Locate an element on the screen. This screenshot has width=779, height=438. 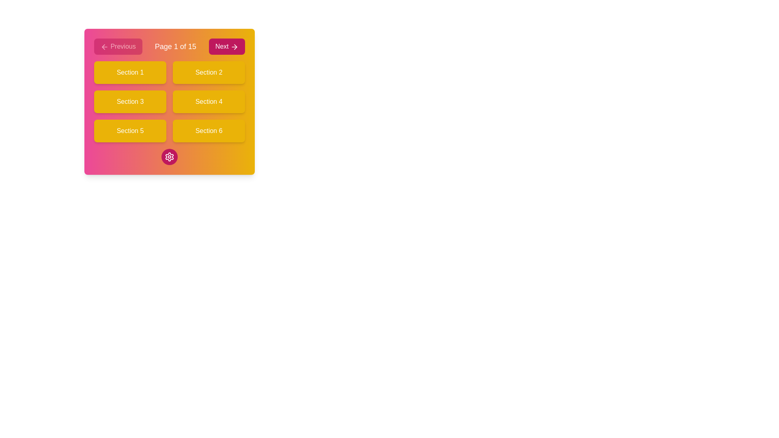
the rectangular button with a yellow background and the text 'Section 6' centered in white is located at coordinates (209, 131).